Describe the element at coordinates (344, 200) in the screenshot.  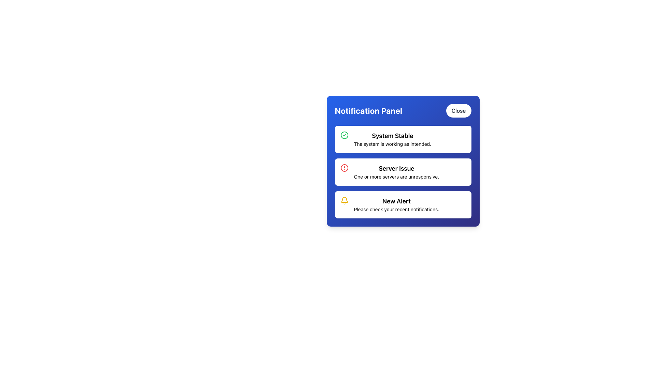
I see `the yellow bell icon indicating notifications within the 'New Alert' card, located at the top left corner of the card` at that location.